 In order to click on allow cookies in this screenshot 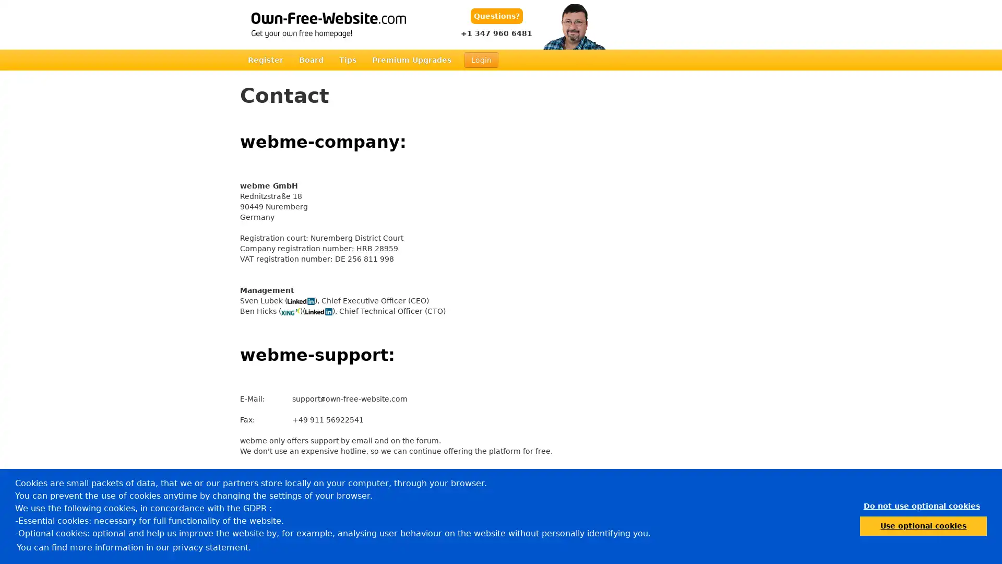, I will do `click(923, 525)`.